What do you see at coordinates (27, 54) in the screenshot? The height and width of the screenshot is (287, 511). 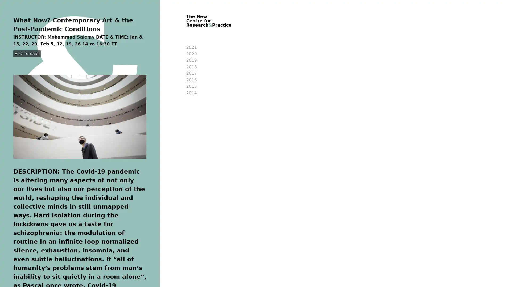 I see `Add to Cart` at bounding box center [27, 54].